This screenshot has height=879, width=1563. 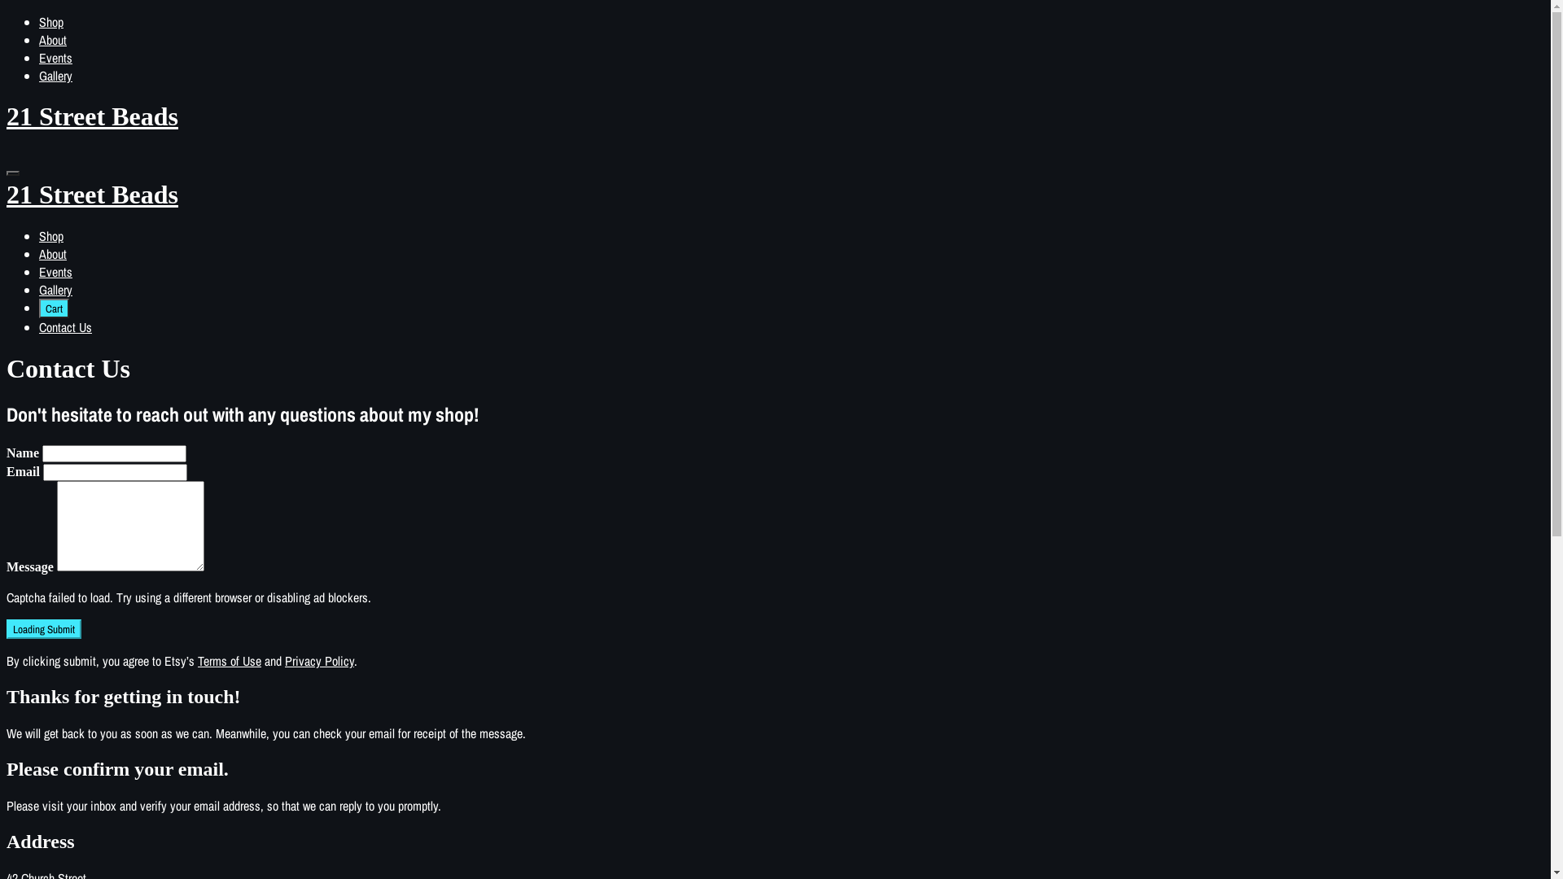 What do you see at coordinates (53, 254) in the screenshot?
I see `'About'` at bounding box center [53, 254].